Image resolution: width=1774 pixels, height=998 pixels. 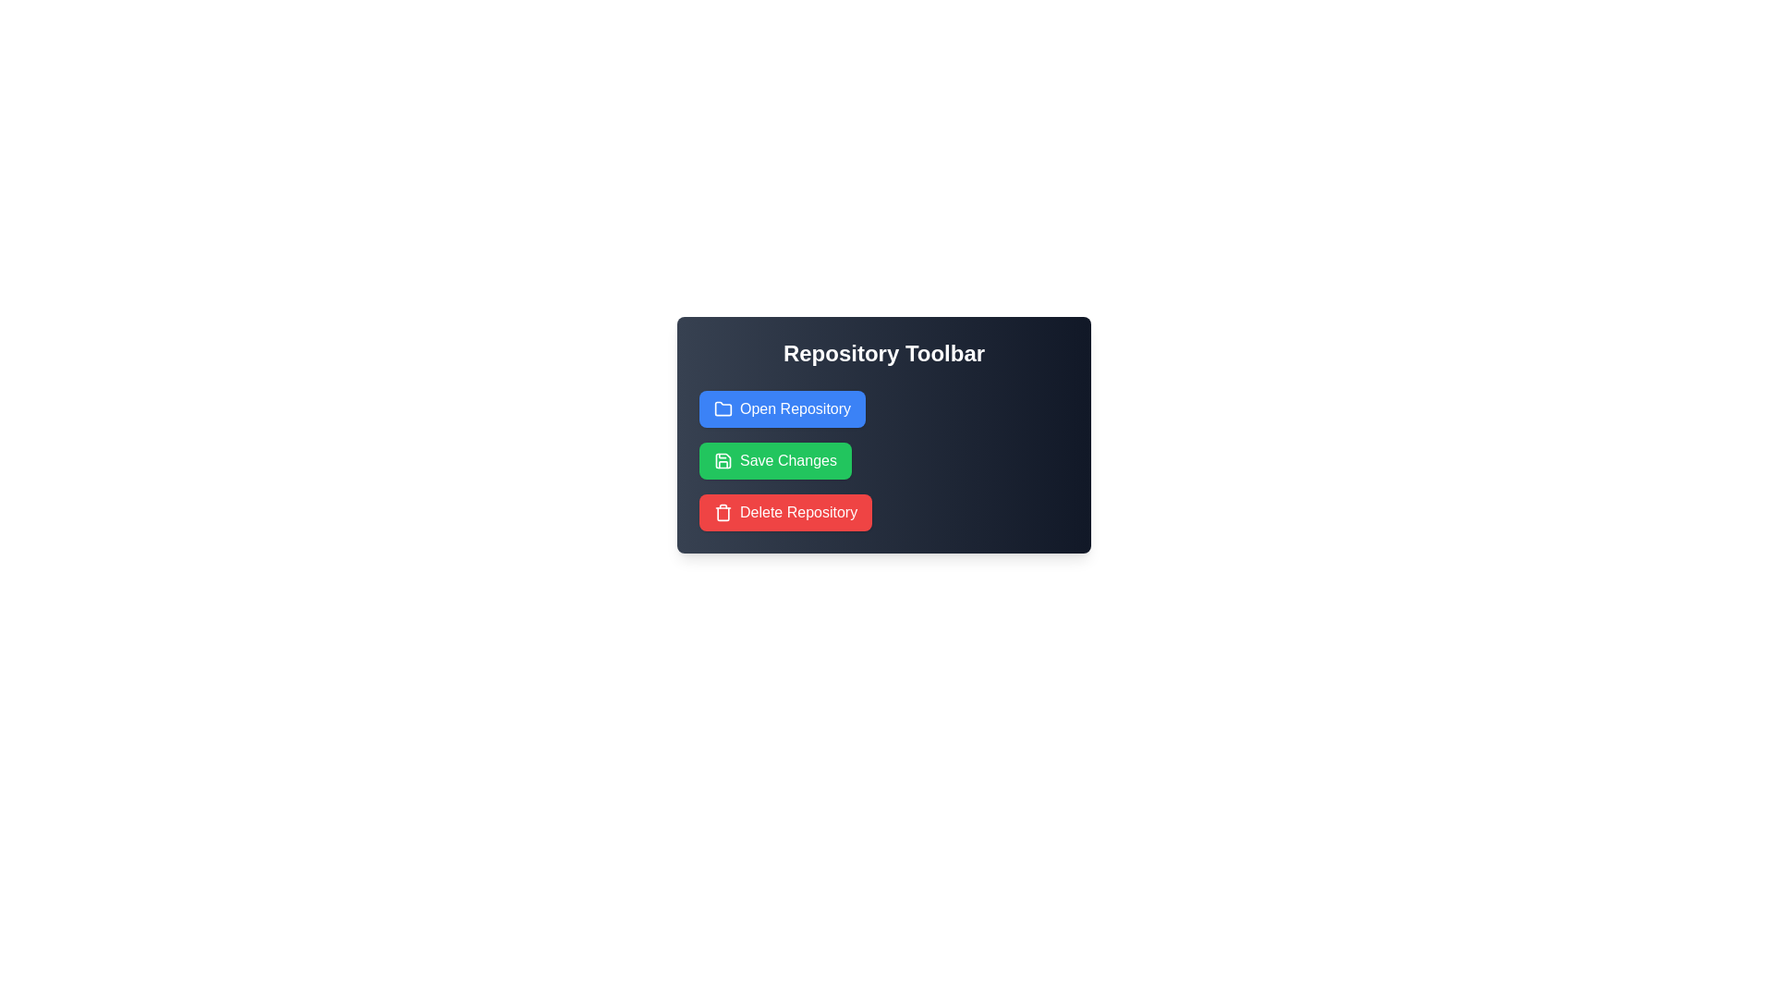 What do you see at coordinates (882, 353) in the screenshot?
I see `the 'Repository Toolbar' text label, which is a bold and large white font heading against a dark gradient background, positioned centrally at the top of its section` at bounding box center [882, 353].